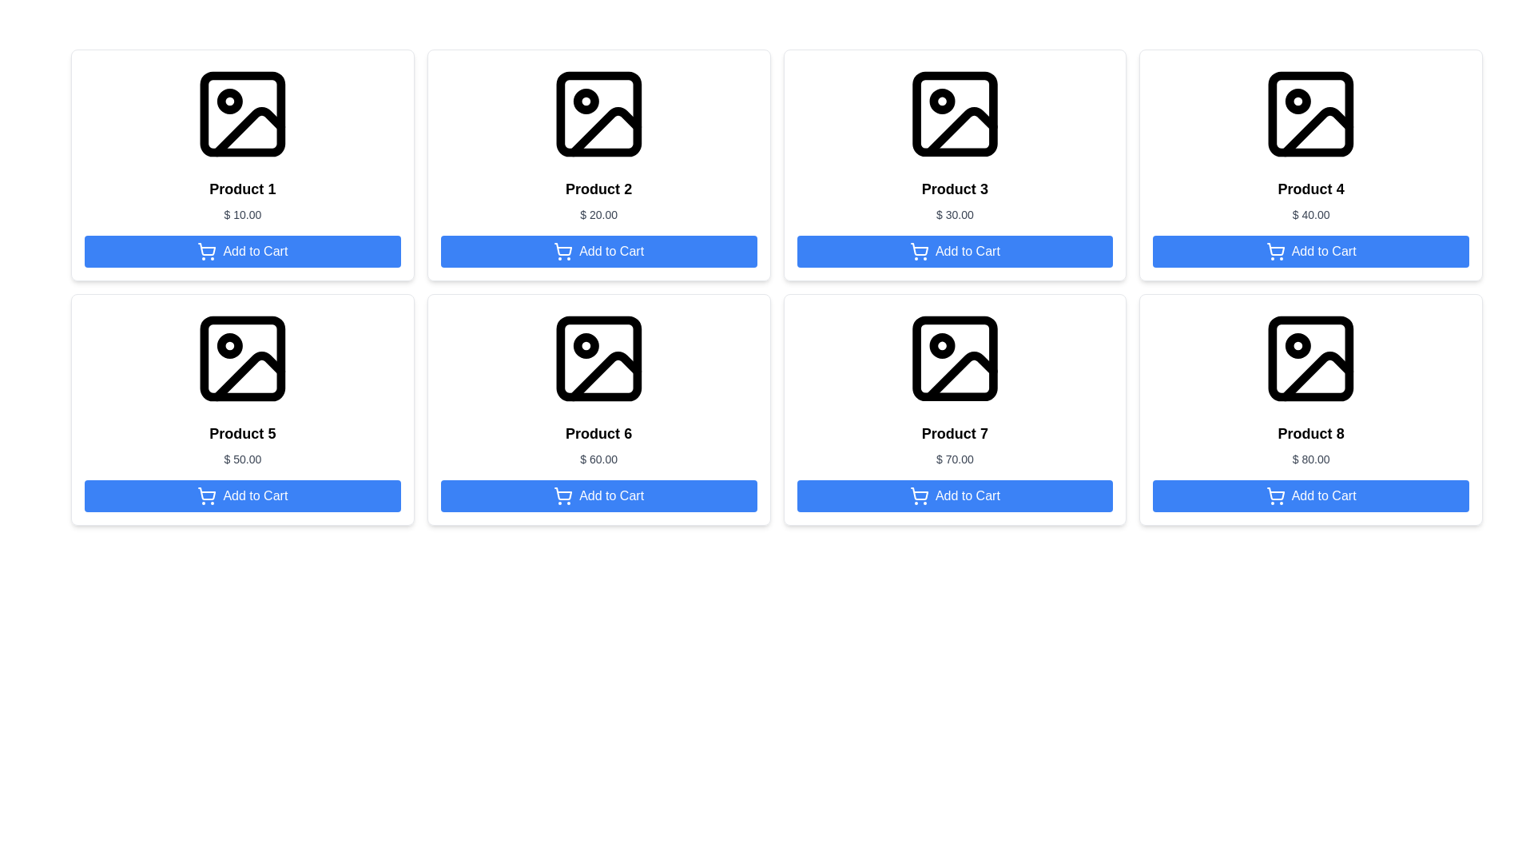  I want to click on the rectangular blue button labeled 'Add to Cart' with a shopping cart icon, so click(955, 495).